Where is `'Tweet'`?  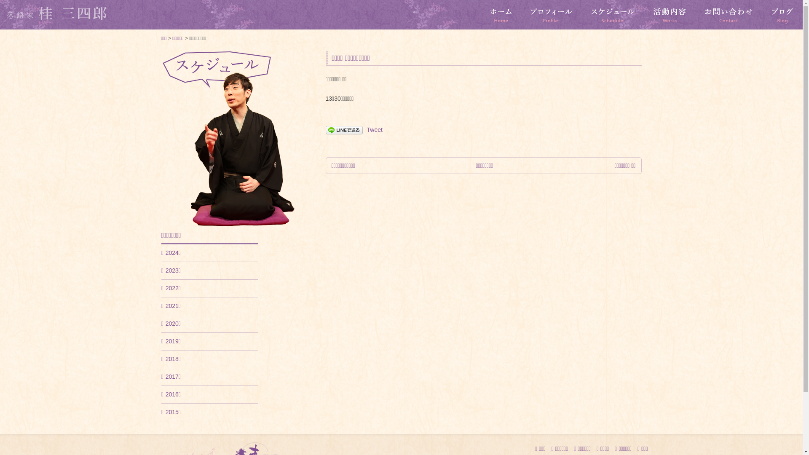 'Tweet' is located at coordinates (366, 130).